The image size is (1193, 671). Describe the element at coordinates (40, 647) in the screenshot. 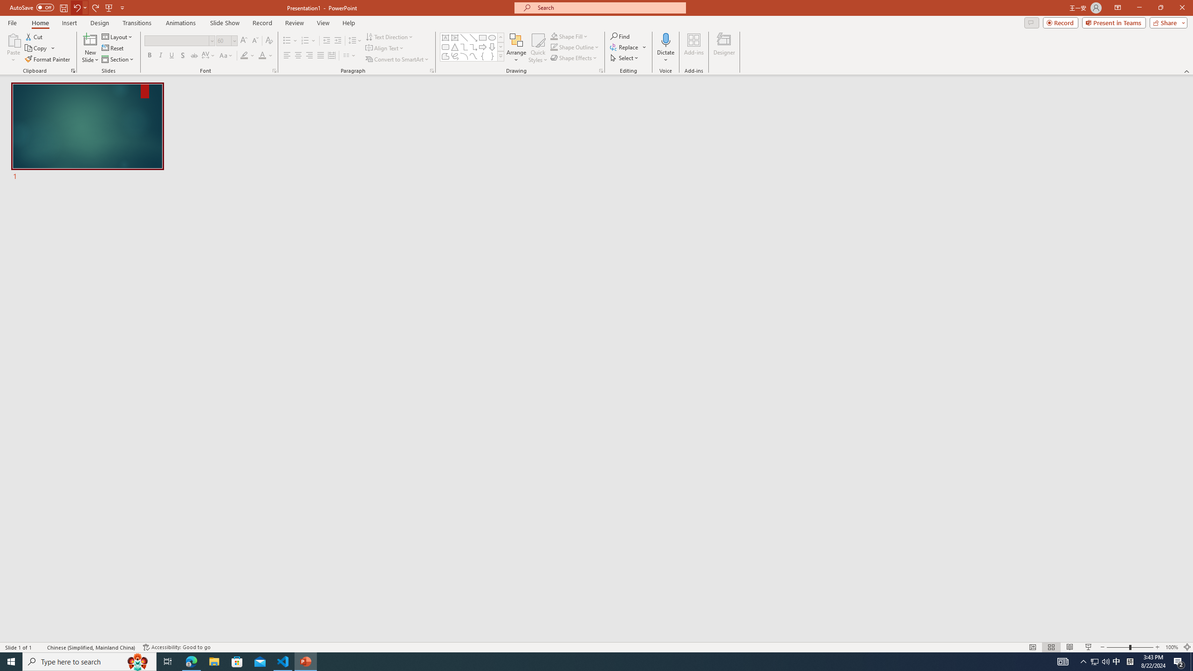

I see `'Spell Check '` at that location.